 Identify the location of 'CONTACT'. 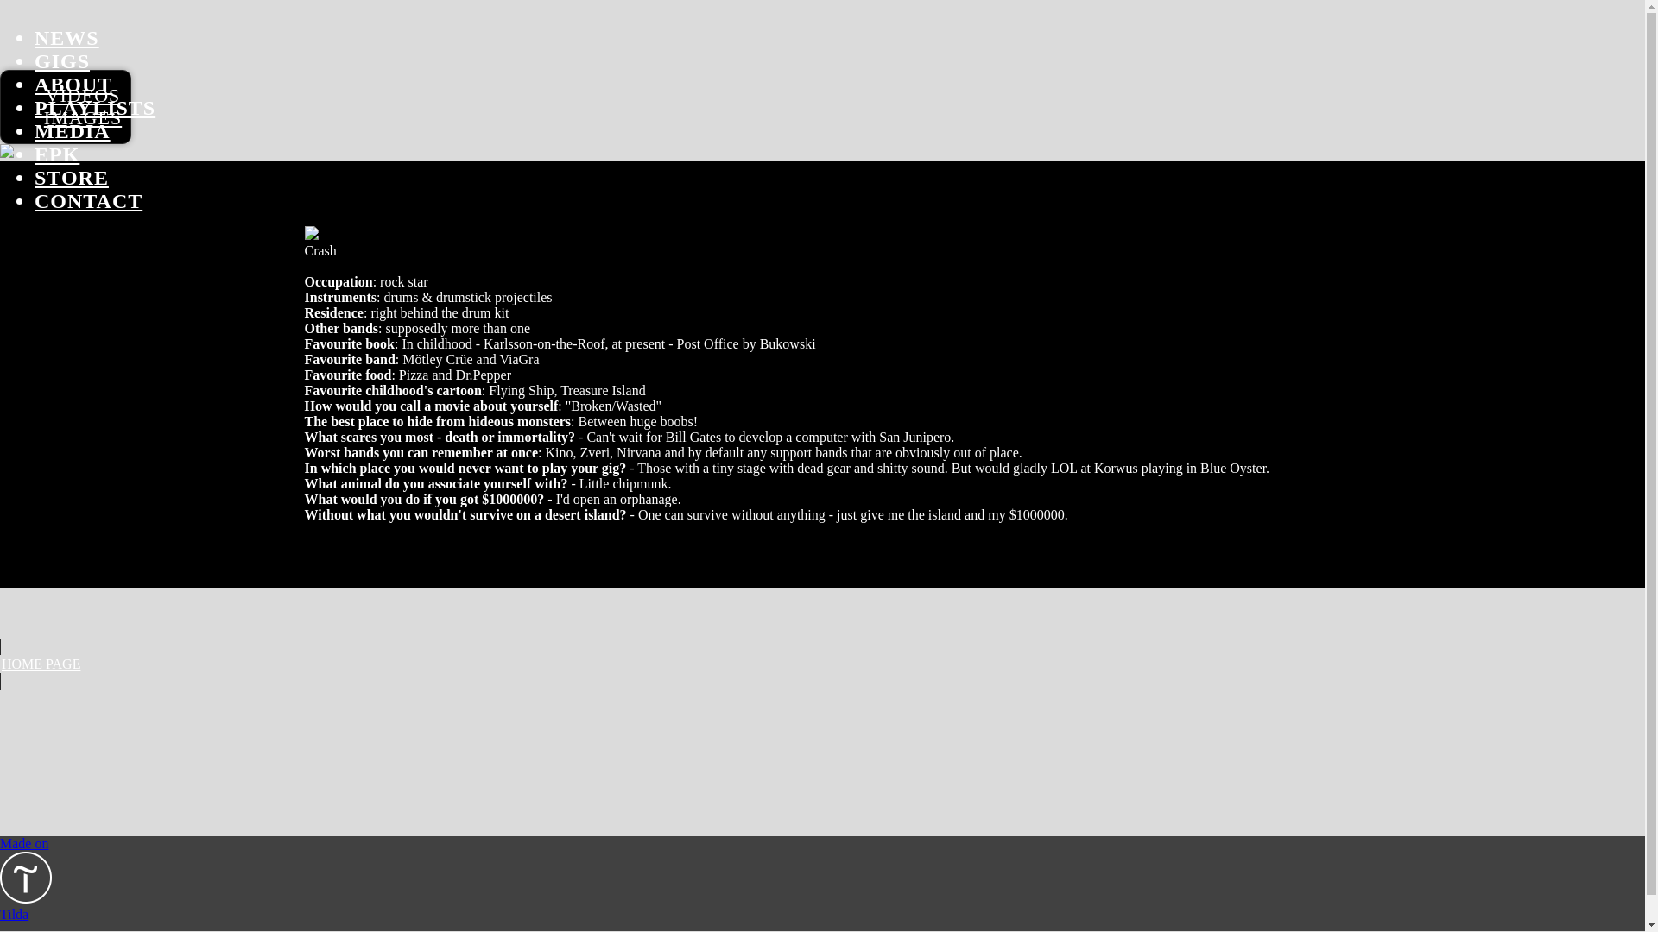
(34, 199).